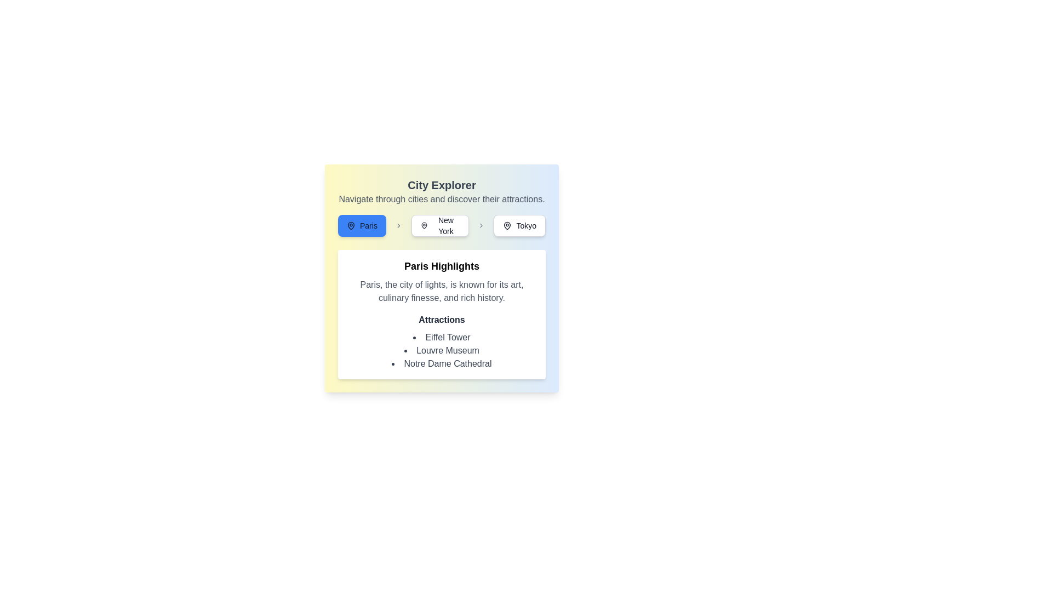  What do you see at coordinates (507, 225) in the screenshot?
I see `the map pin icon associated with the city 'Paris' for accessibility purposes` at bounding box center [507, 225].